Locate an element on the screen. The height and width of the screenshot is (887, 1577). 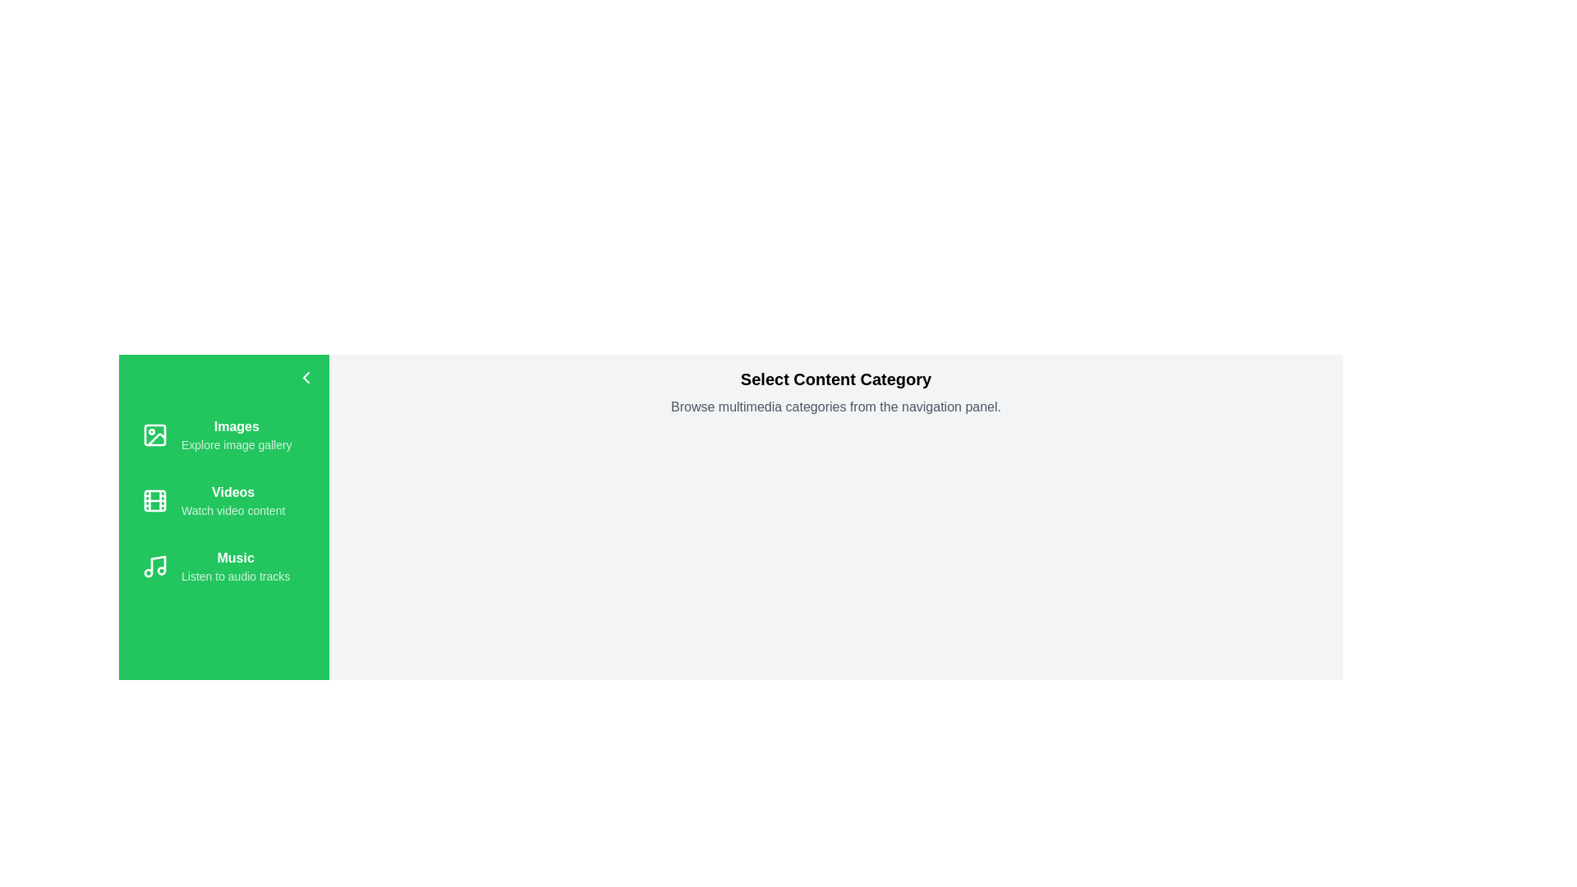
the category Images to see its hover effect is located at coordinates (223, 434).